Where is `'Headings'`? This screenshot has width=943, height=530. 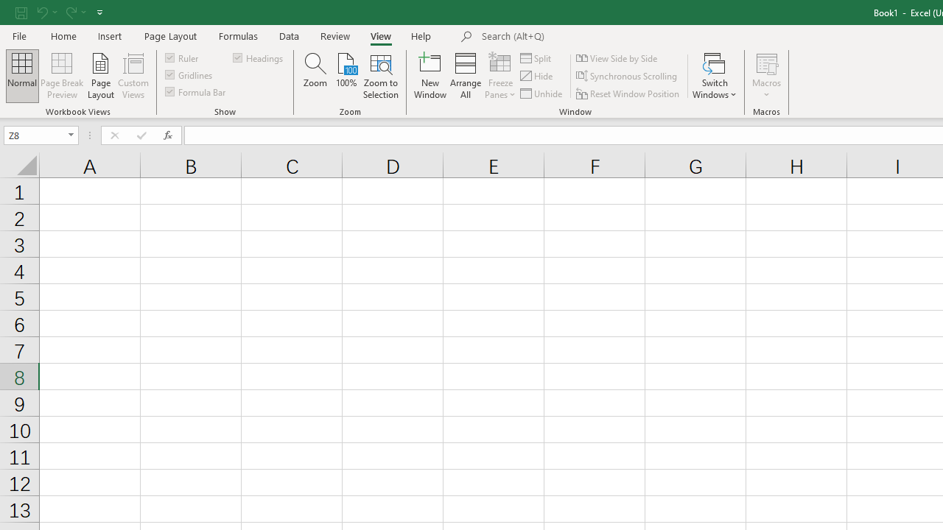
'Headings' is located at coordinates (259, 57).